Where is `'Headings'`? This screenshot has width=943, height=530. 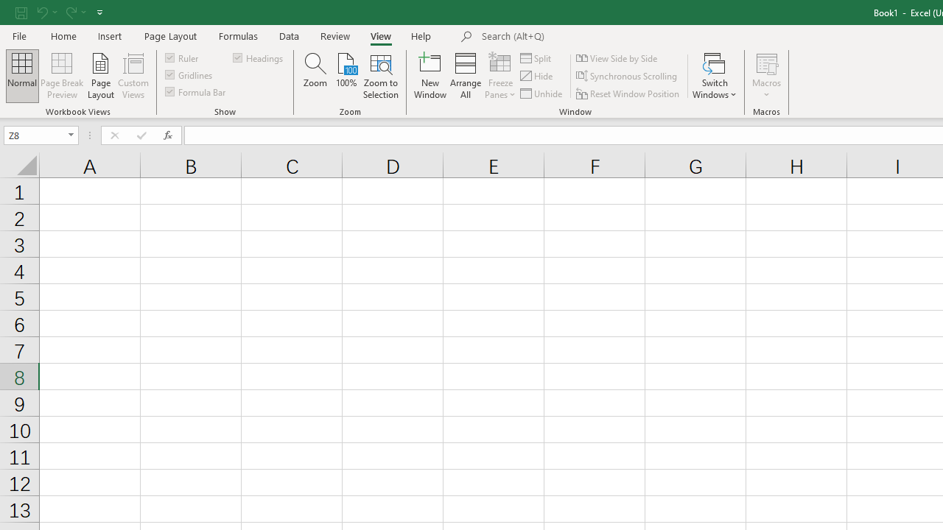
'Headings' is located at coordinates (259, 57).